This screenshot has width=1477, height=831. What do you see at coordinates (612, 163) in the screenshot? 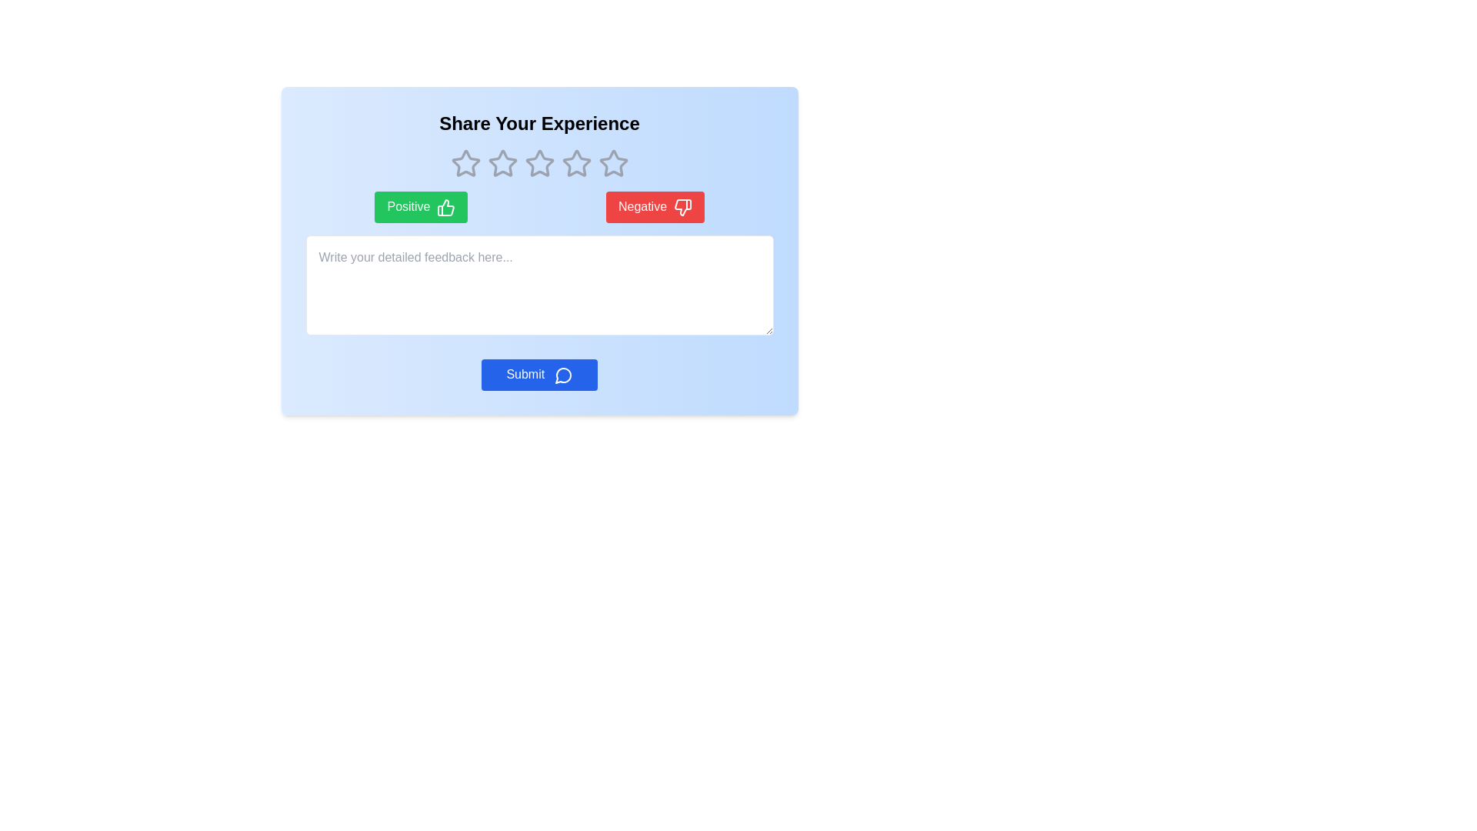
I see `the fifth star icon in the rating section under 'Share Your Experience'` at bounding box center [612, 163].